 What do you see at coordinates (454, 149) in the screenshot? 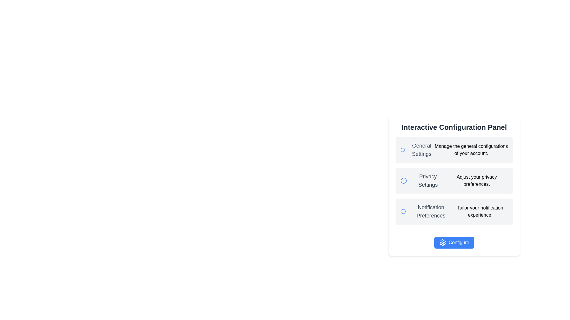
I see `the informational card for configuring general account settings located at the top of the list of similar cards in the interactive configuration panel` at bounding box center [454, 149].